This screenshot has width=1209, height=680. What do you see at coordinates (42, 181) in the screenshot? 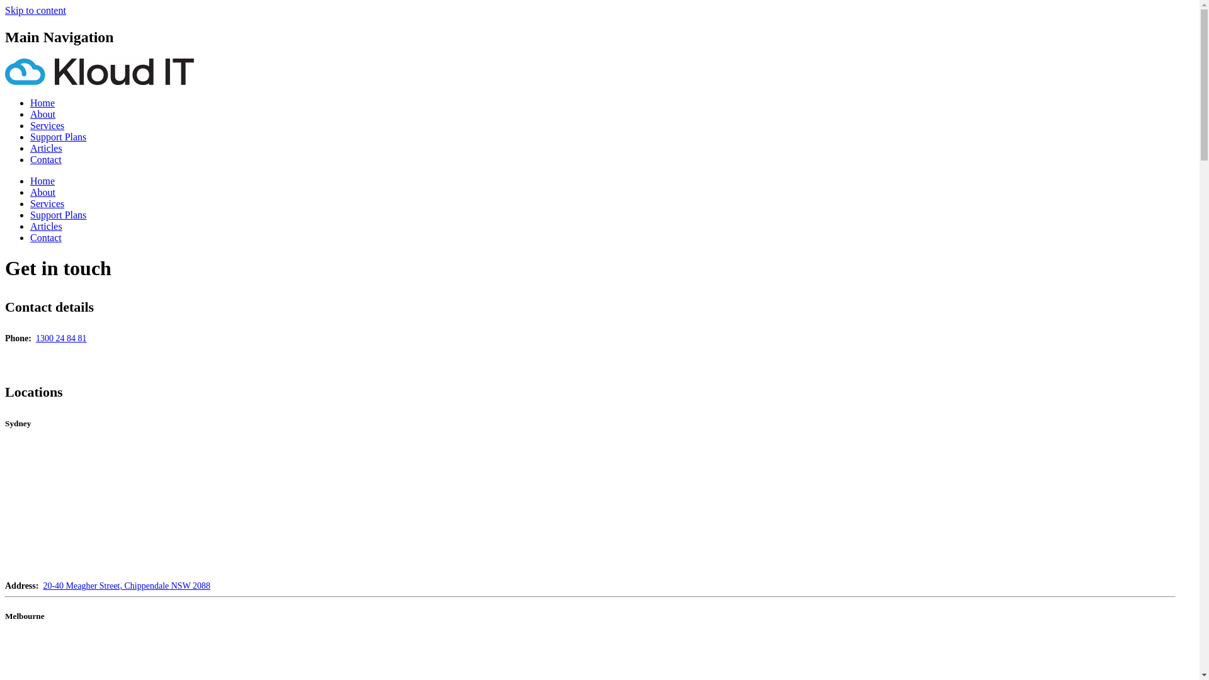
I see `'Home'` at bounding box center [42, 181].